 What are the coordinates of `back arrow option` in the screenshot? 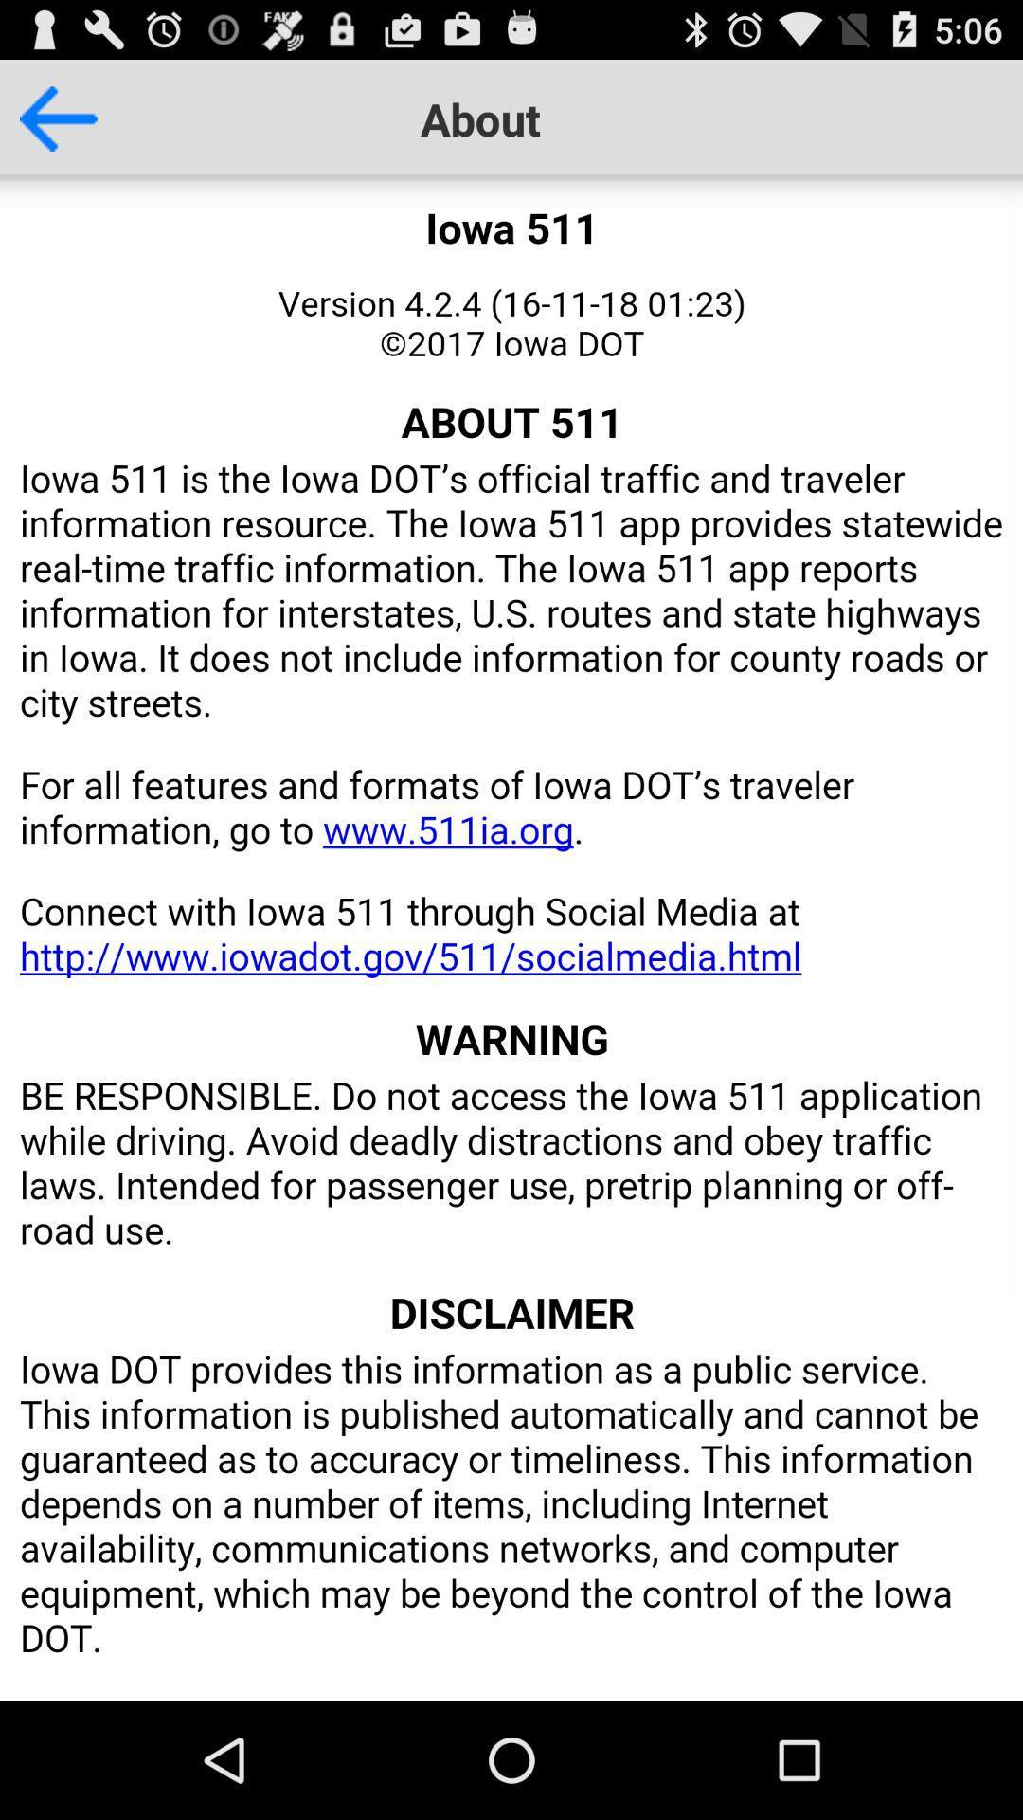 It's located at (47, 118).